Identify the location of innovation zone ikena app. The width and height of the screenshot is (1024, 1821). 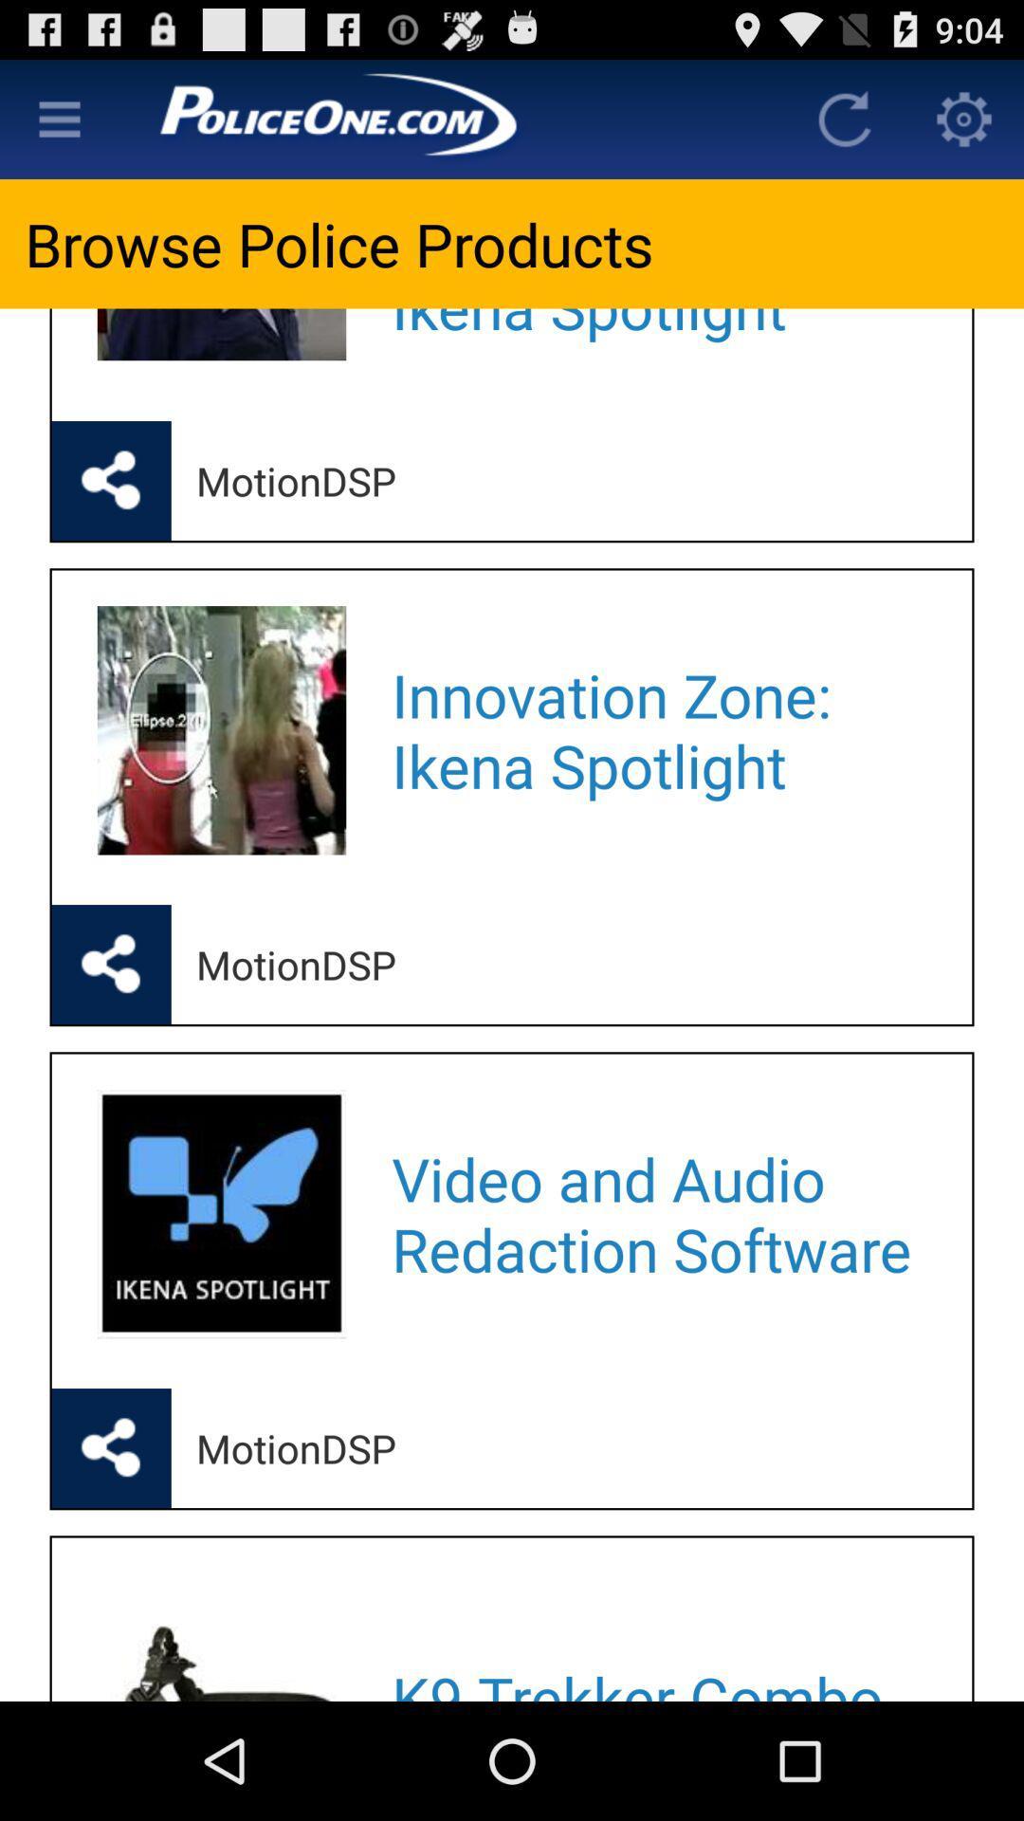
(656, 729).